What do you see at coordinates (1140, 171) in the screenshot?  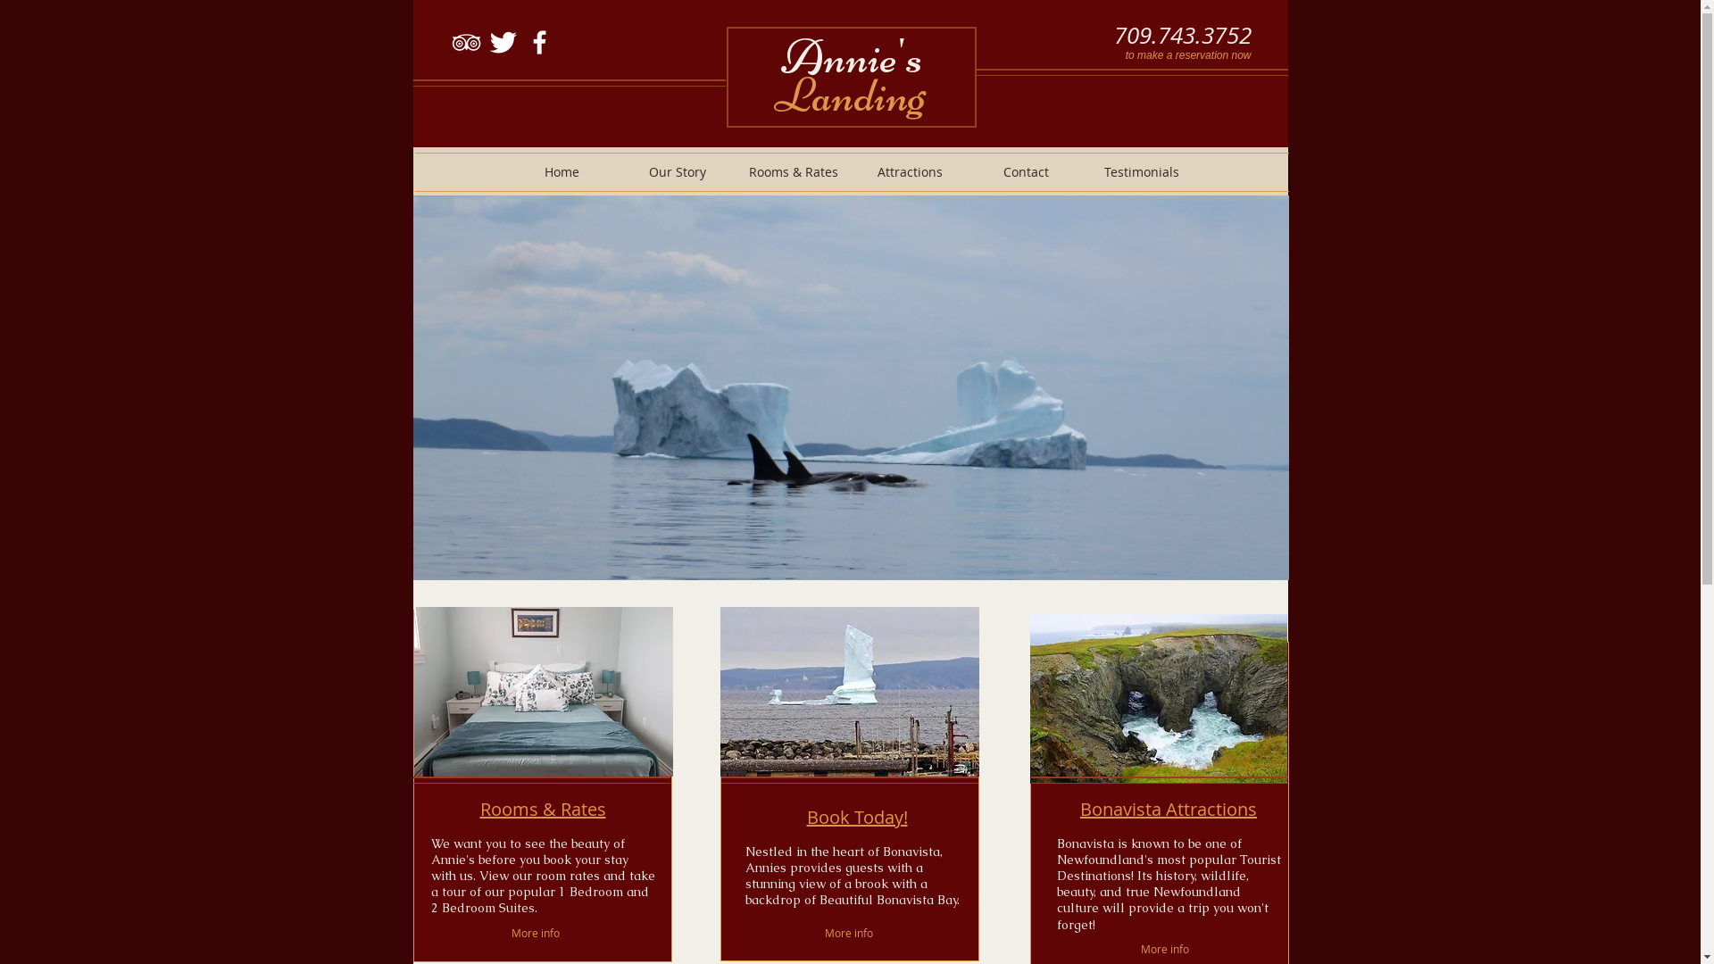 I see `'Testimonials'` at bounding box center [1140, 171].